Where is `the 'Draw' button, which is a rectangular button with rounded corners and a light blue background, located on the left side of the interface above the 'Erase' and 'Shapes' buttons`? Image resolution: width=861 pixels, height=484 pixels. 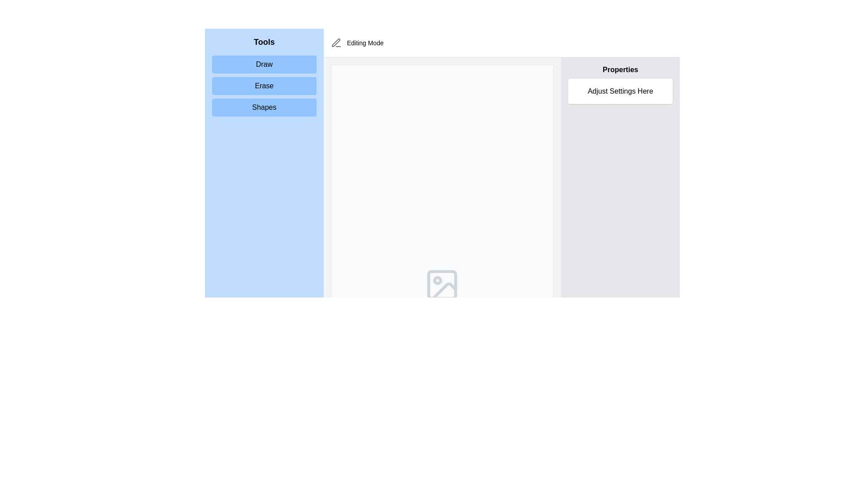 the 'Draw' button, which is a rectangular button with rounded corners and a light blue background, located on the left side of the interface above the 'Erase' and 'Shapes' buttons is located at coordinates (264, 64).